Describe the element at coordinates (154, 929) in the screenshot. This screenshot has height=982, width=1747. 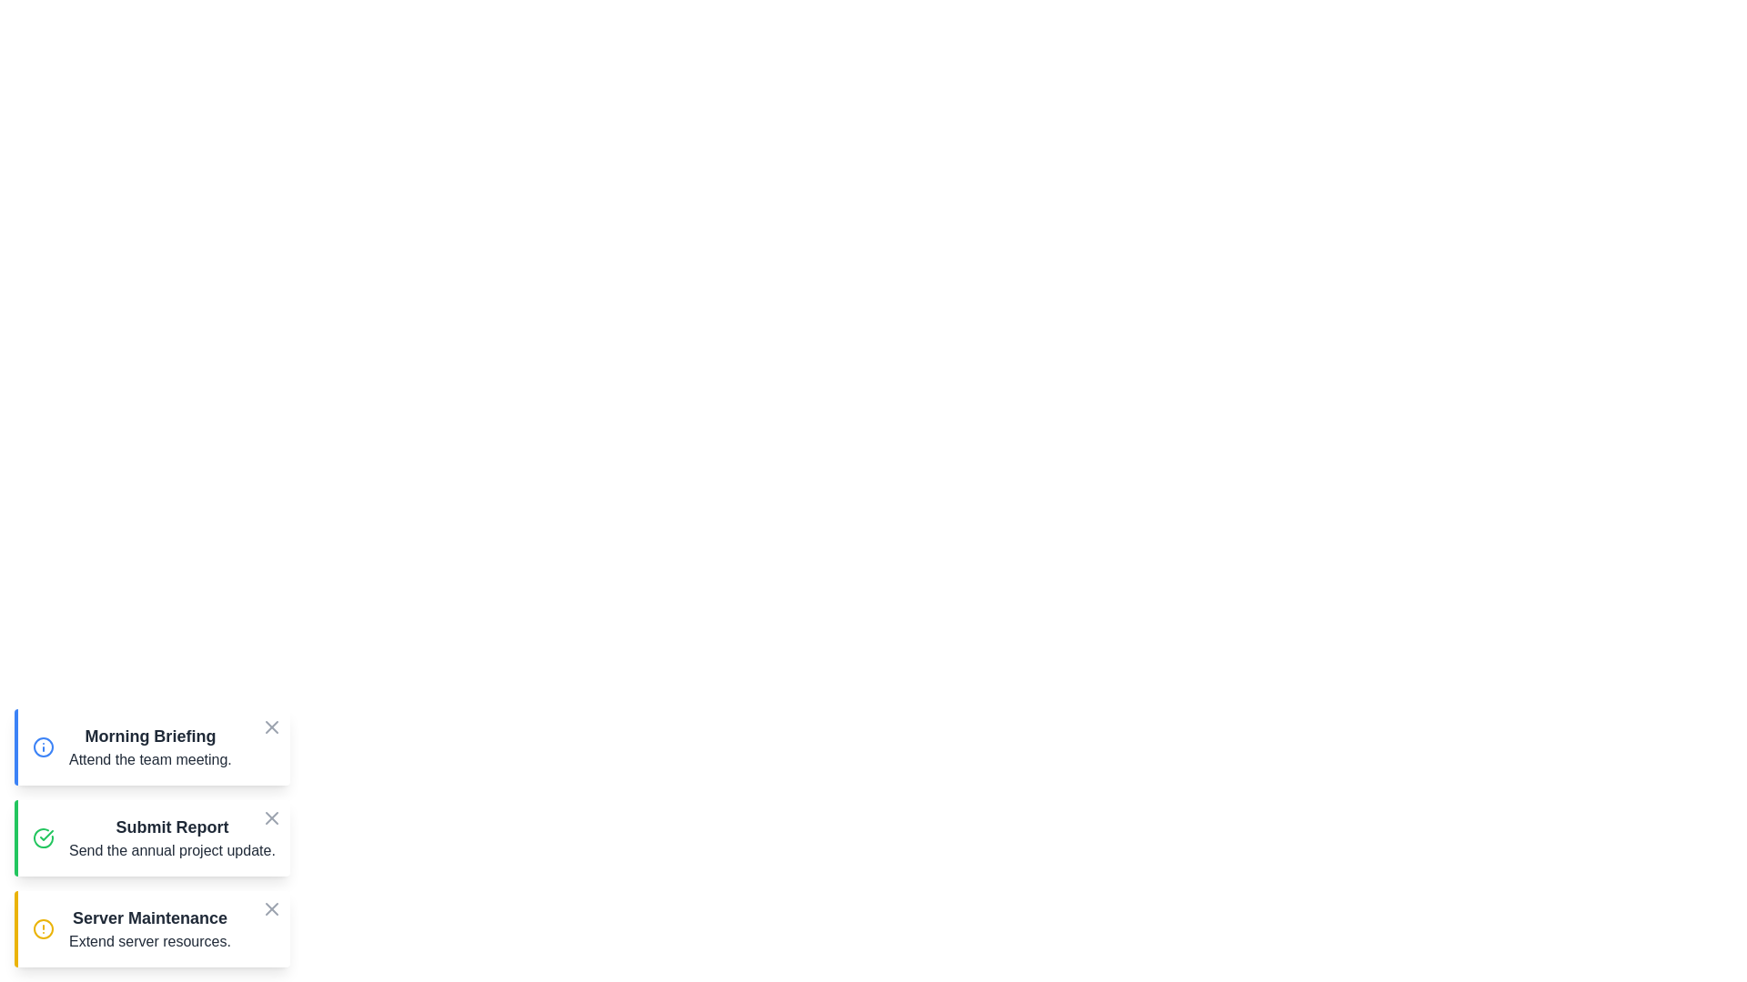
I see `the informational card displaying 'Server Maintenance', which is the third item in the vertically stacked list of notifications` at that location.